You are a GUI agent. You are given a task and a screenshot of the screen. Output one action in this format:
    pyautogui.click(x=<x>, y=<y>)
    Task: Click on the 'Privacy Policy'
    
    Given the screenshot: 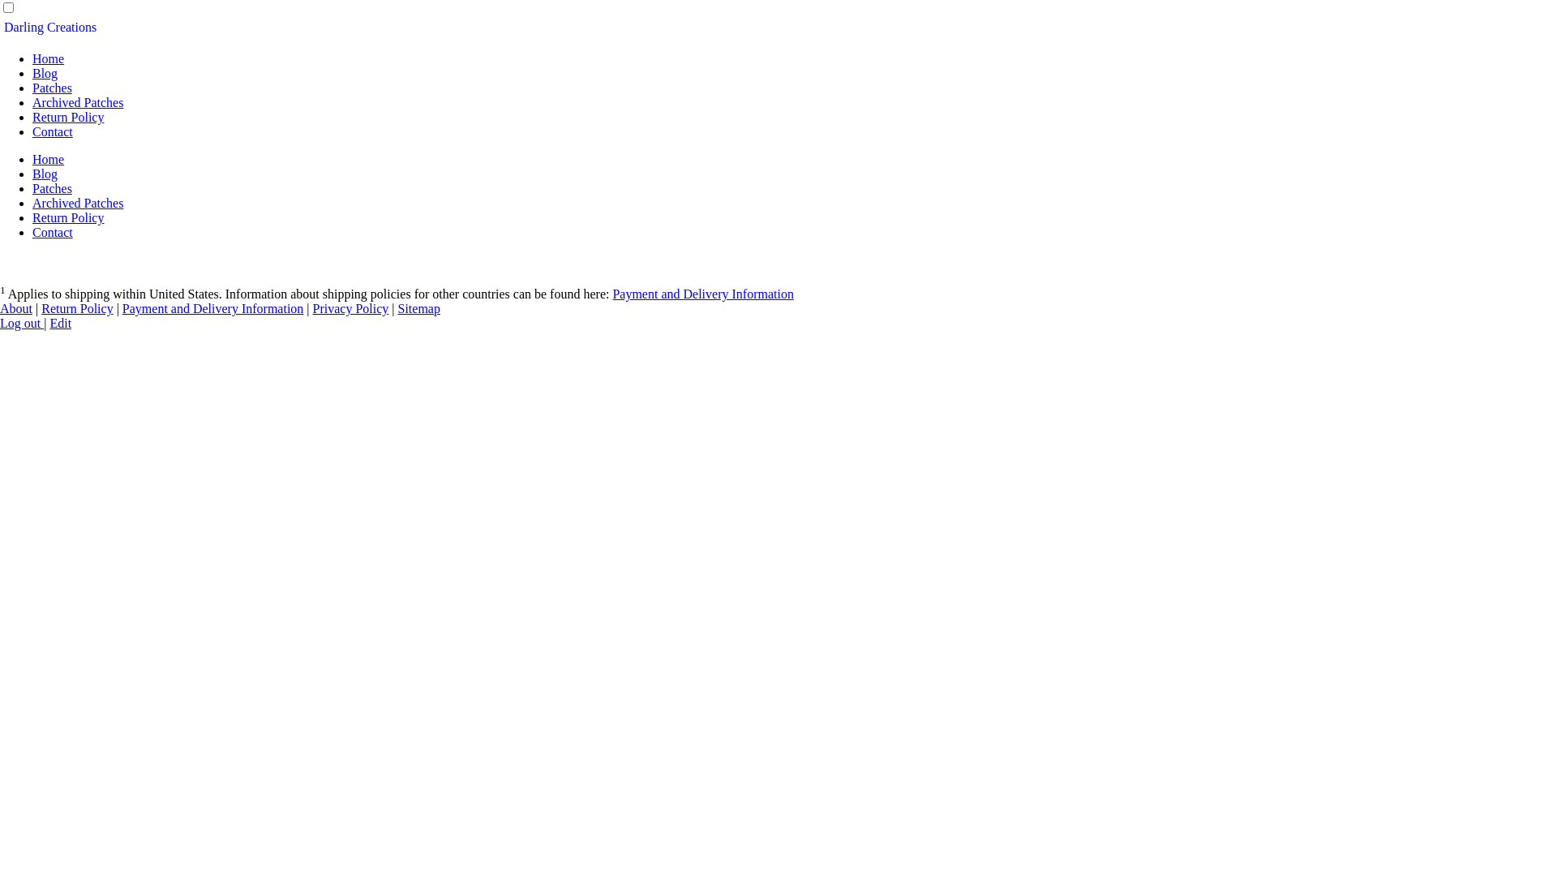 What is the action you would take?
    pyautogui.click(x=350, y=308)
    